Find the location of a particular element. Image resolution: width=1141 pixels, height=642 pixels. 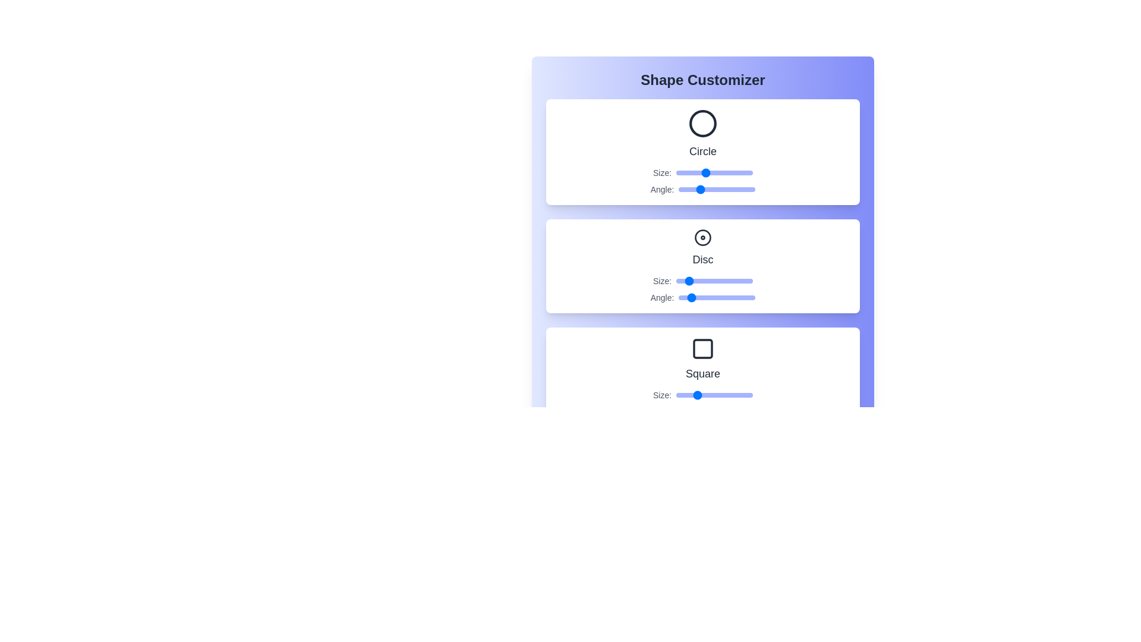

the Square's angle slider to 250 degrees is located at coordinates (731, 411).